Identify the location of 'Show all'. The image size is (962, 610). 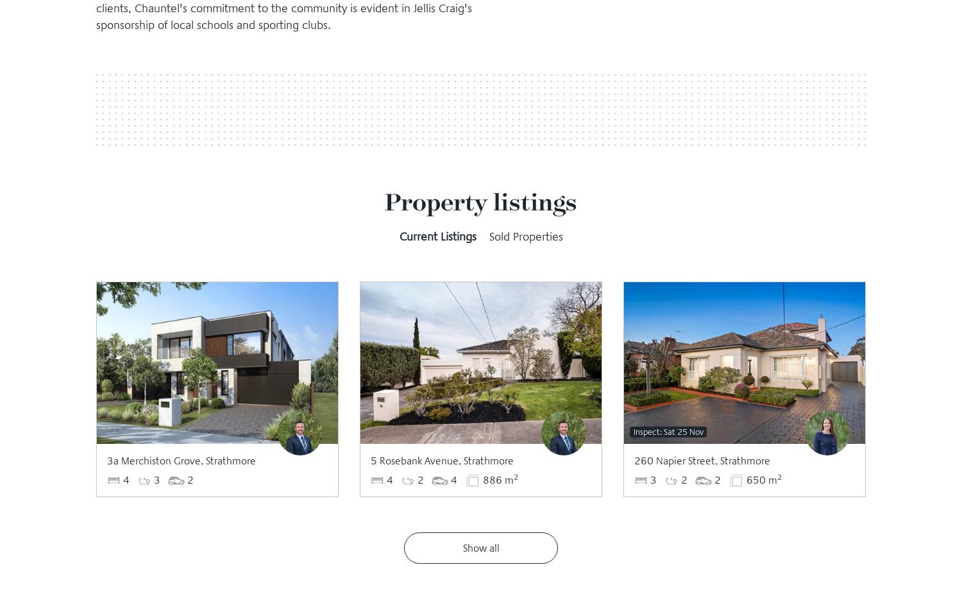
(462, 546).